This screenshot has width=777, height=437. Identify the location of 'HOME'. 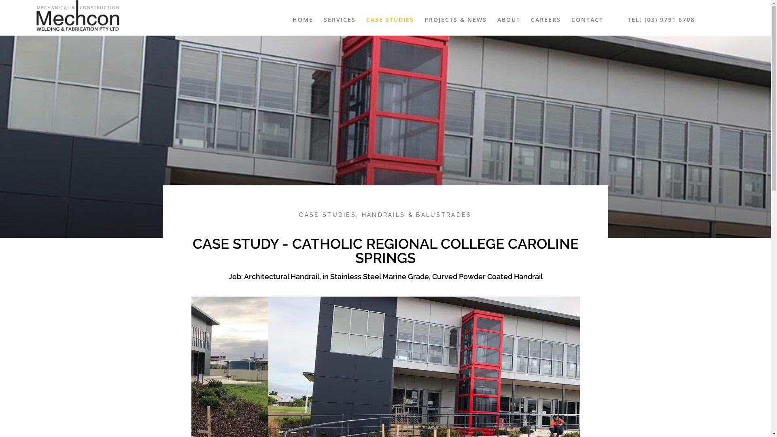
(302, 19).